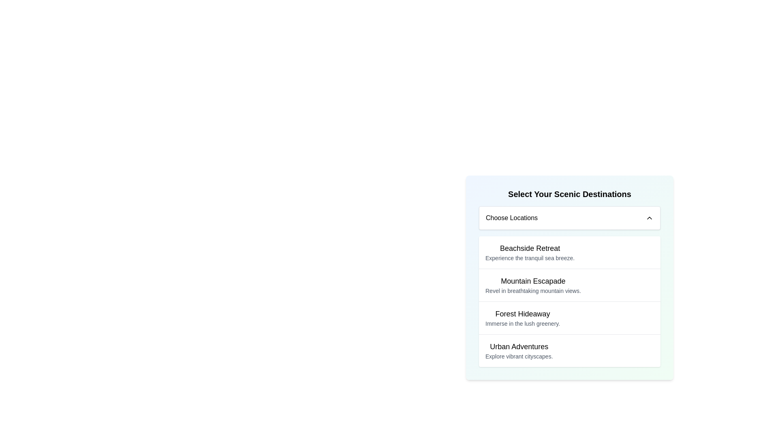 This screenshot has width=778, height=437. What do you see at coordinates (569, 301) in the screenshot?
I see `the third list item labeled 'Forest Hideaway' in the 'Choose Locations' dropdown under 'Select Your Scenic Destinations'` at bounding box center [569, 301].